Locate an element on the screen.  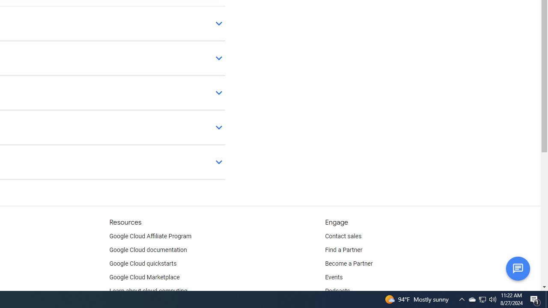
'Become a Partner' is located at coordinates (348, 264).